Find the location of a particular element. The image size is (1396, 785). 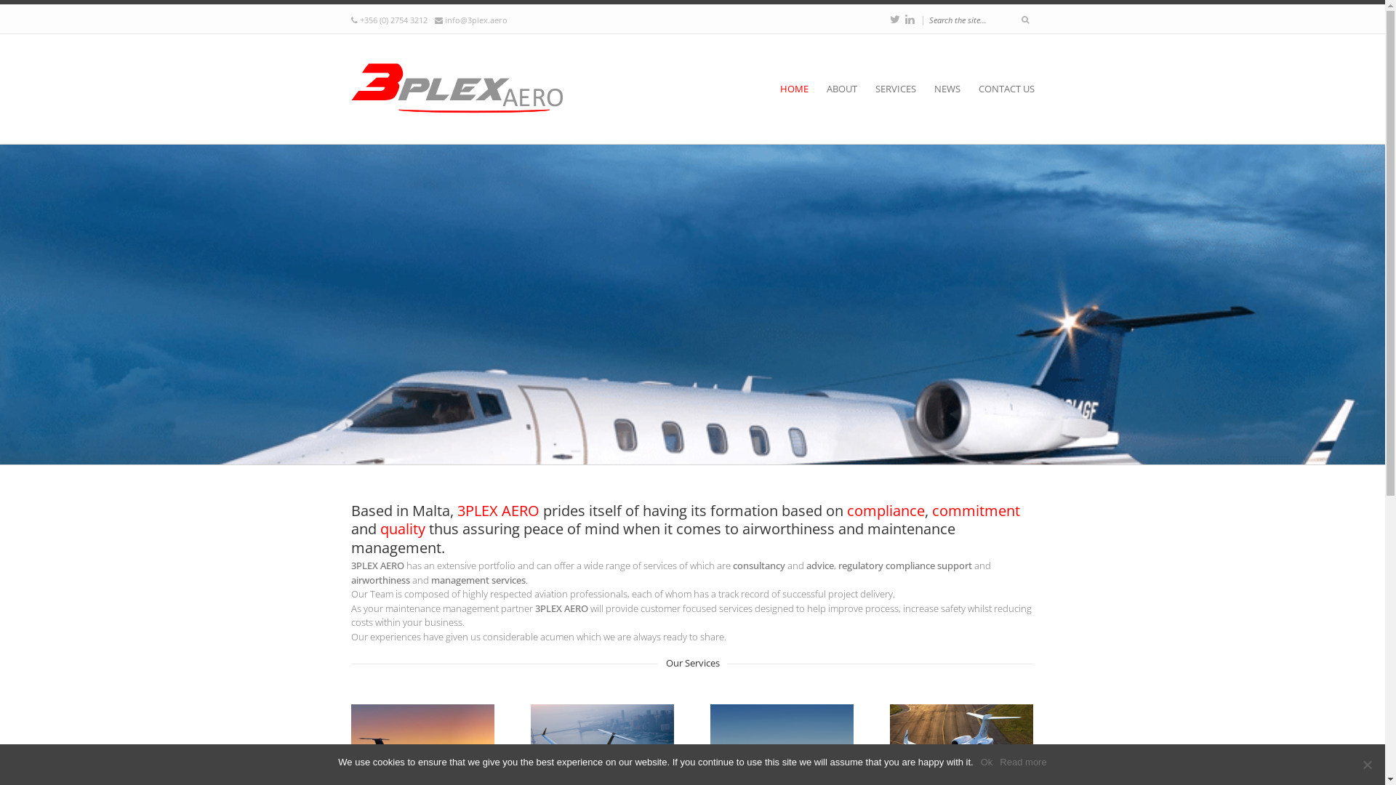

'Twitter' is located at coordinates (894, 19).